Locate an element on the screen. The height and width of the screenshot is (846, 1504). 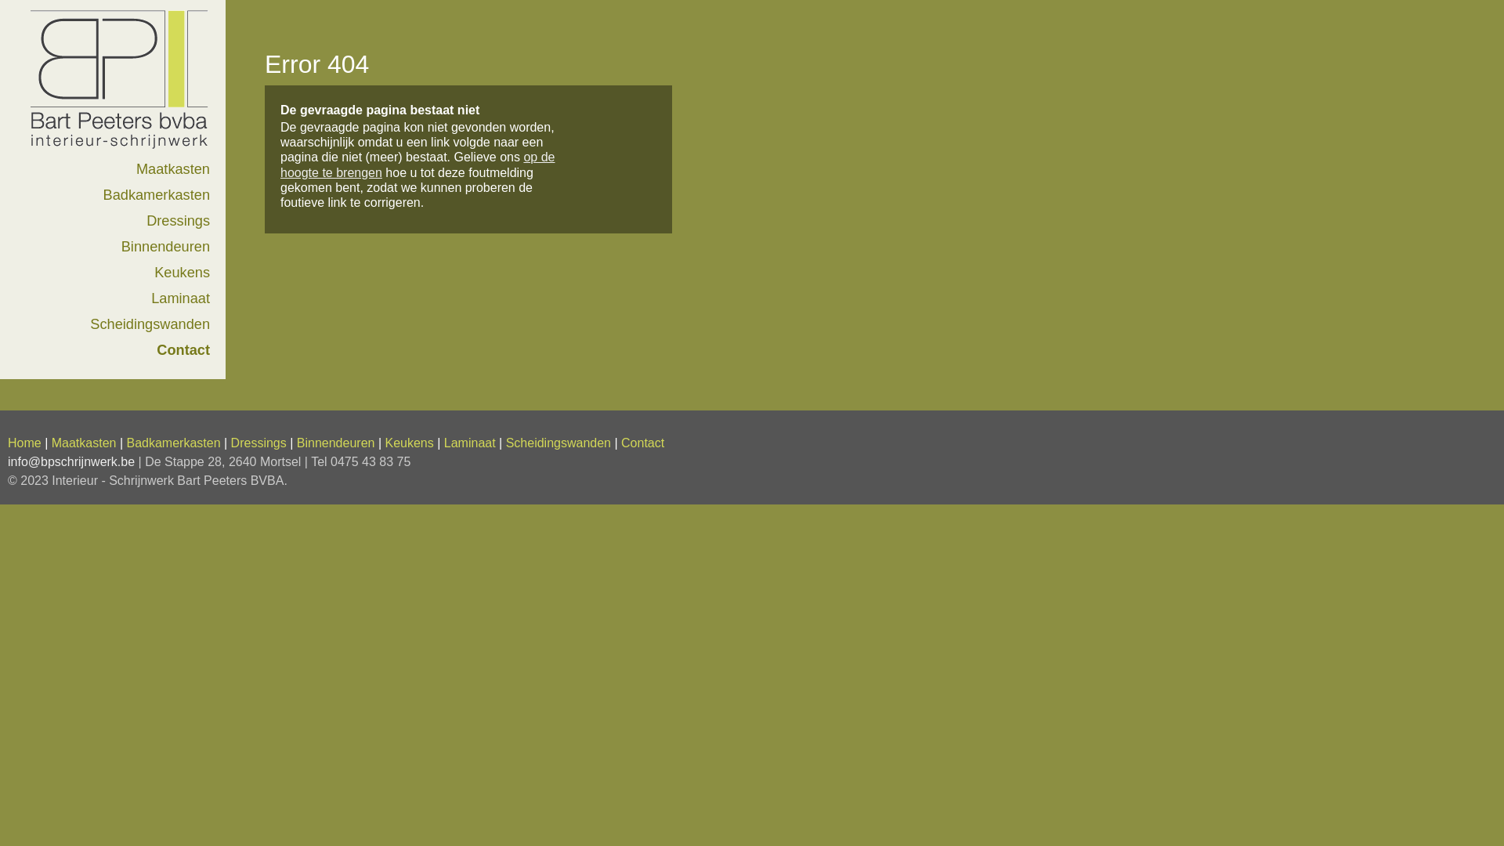
'Badkamerkasten' is located at coordinates (173, 443).